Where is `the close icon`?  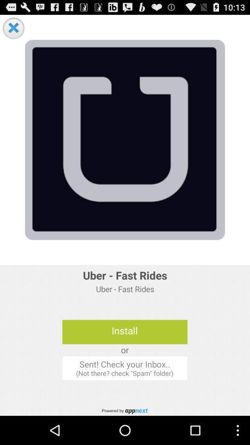
the close icon is located at coordinates (13, 30).